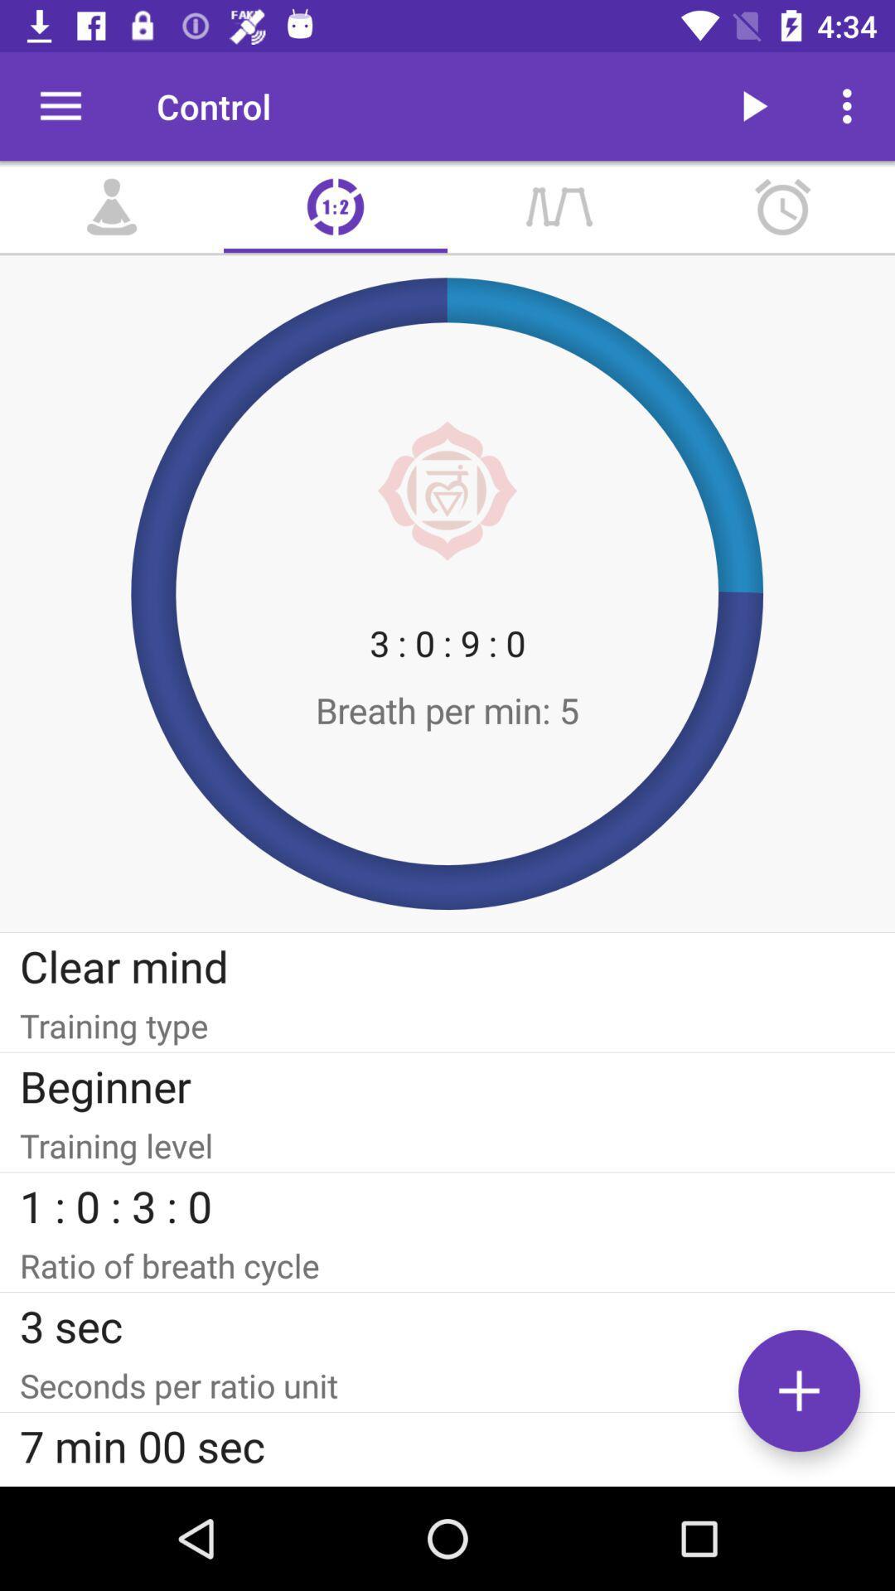 This screenshot has width=895, height=1591. I want to click on the icon below the seconds per ratio item, so click(447, 1444).